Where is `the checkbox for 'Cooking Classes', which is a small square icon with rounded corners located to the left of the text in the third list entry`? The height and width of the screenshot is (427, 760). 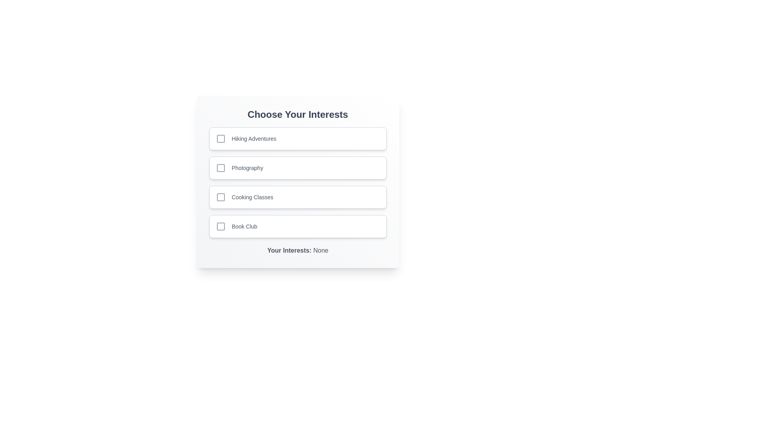
the checkbox for 'Cooking Classes', which is a small square icon with rounded corners located to the left of the text in the third list entry is located at coordinates (220, 196).